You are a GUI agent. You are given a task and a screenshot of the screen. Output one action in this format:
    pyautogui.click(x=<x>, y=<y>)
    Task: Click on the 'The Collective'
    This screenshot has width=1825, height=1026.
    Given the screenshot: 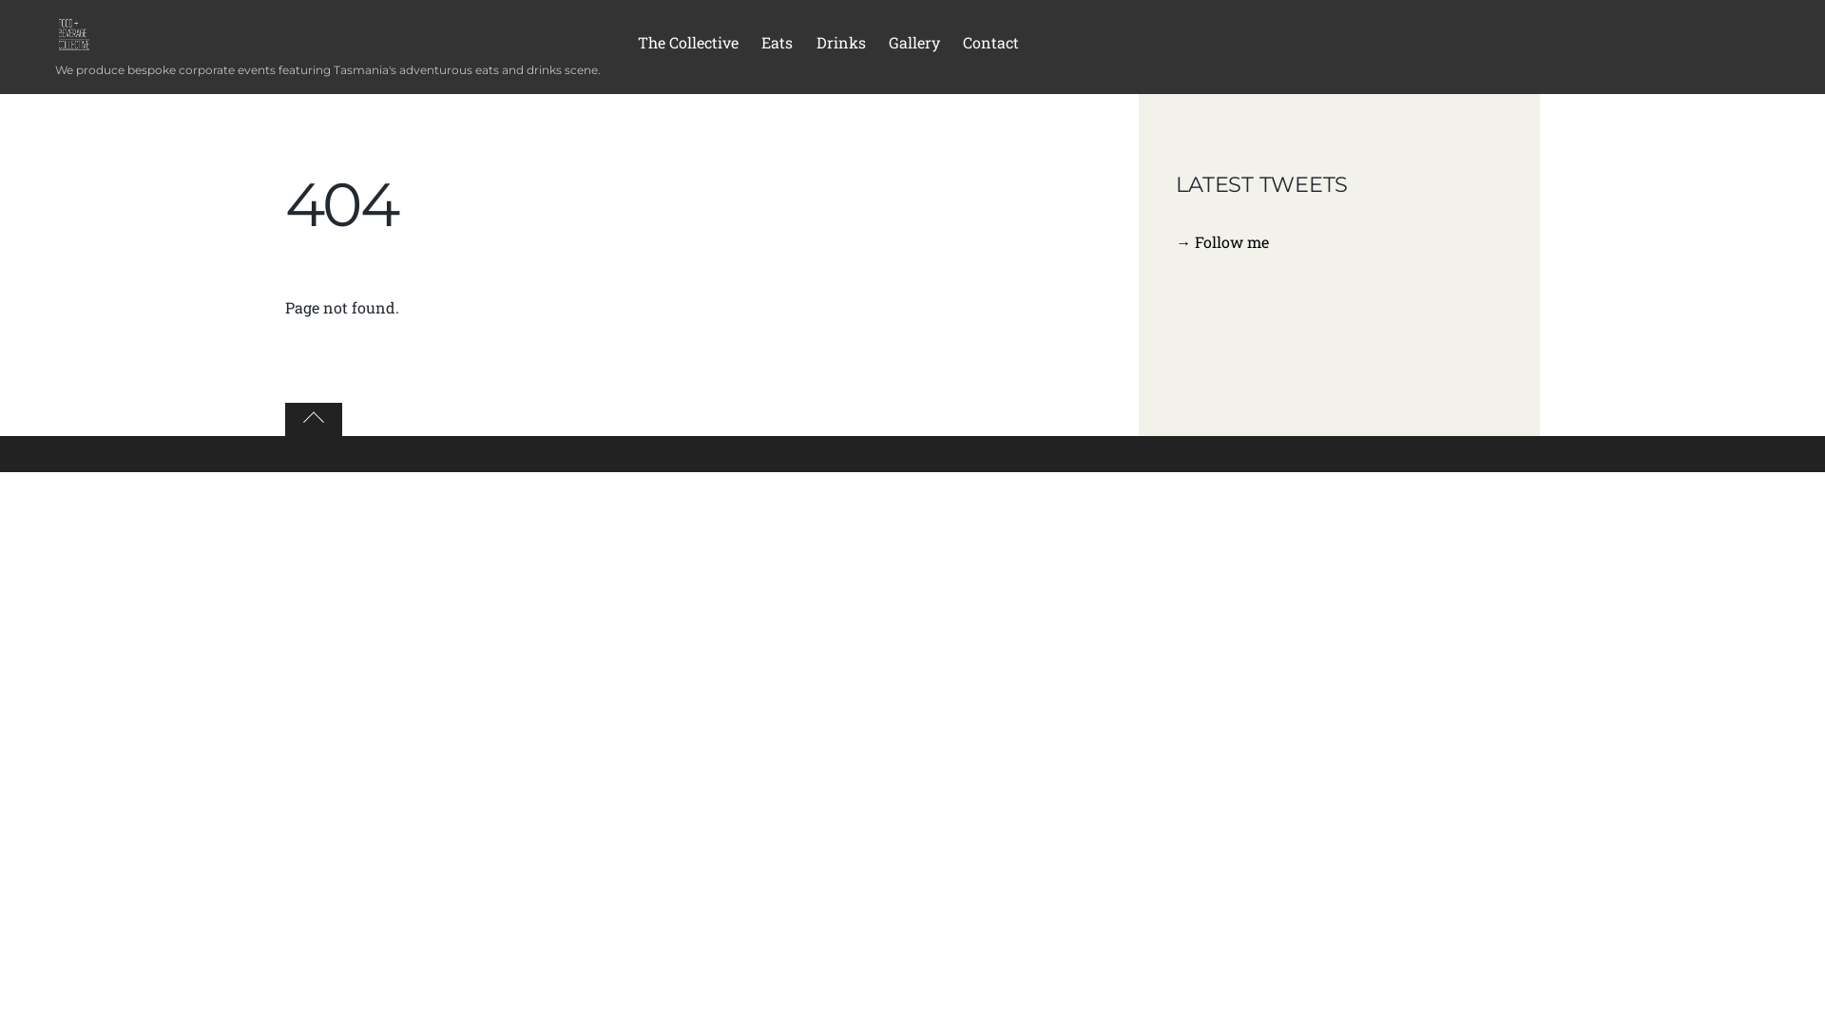 What is the action you would take?
    pyautogui.click(x=687, y=46)
    